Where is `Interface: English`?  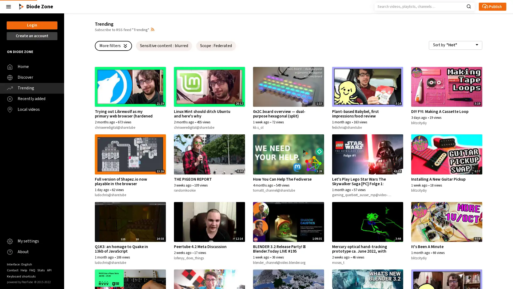
Interface: English is located at coordinates (19, 264).